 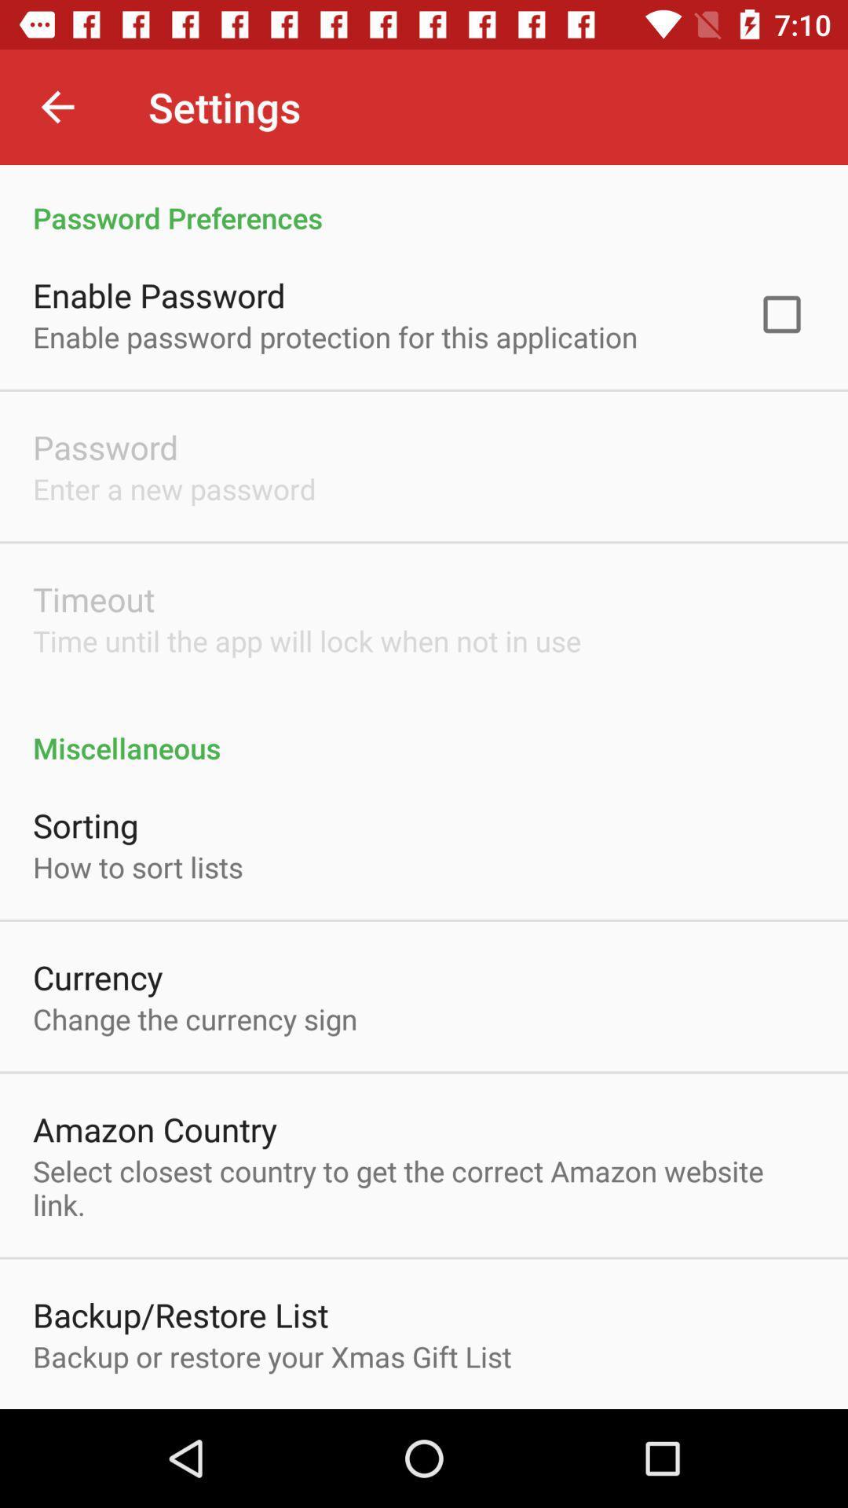 What do you see at coordinates (137, 866) in the screenshot?
I see `icon above the currency` at bounding box center [137, 866].